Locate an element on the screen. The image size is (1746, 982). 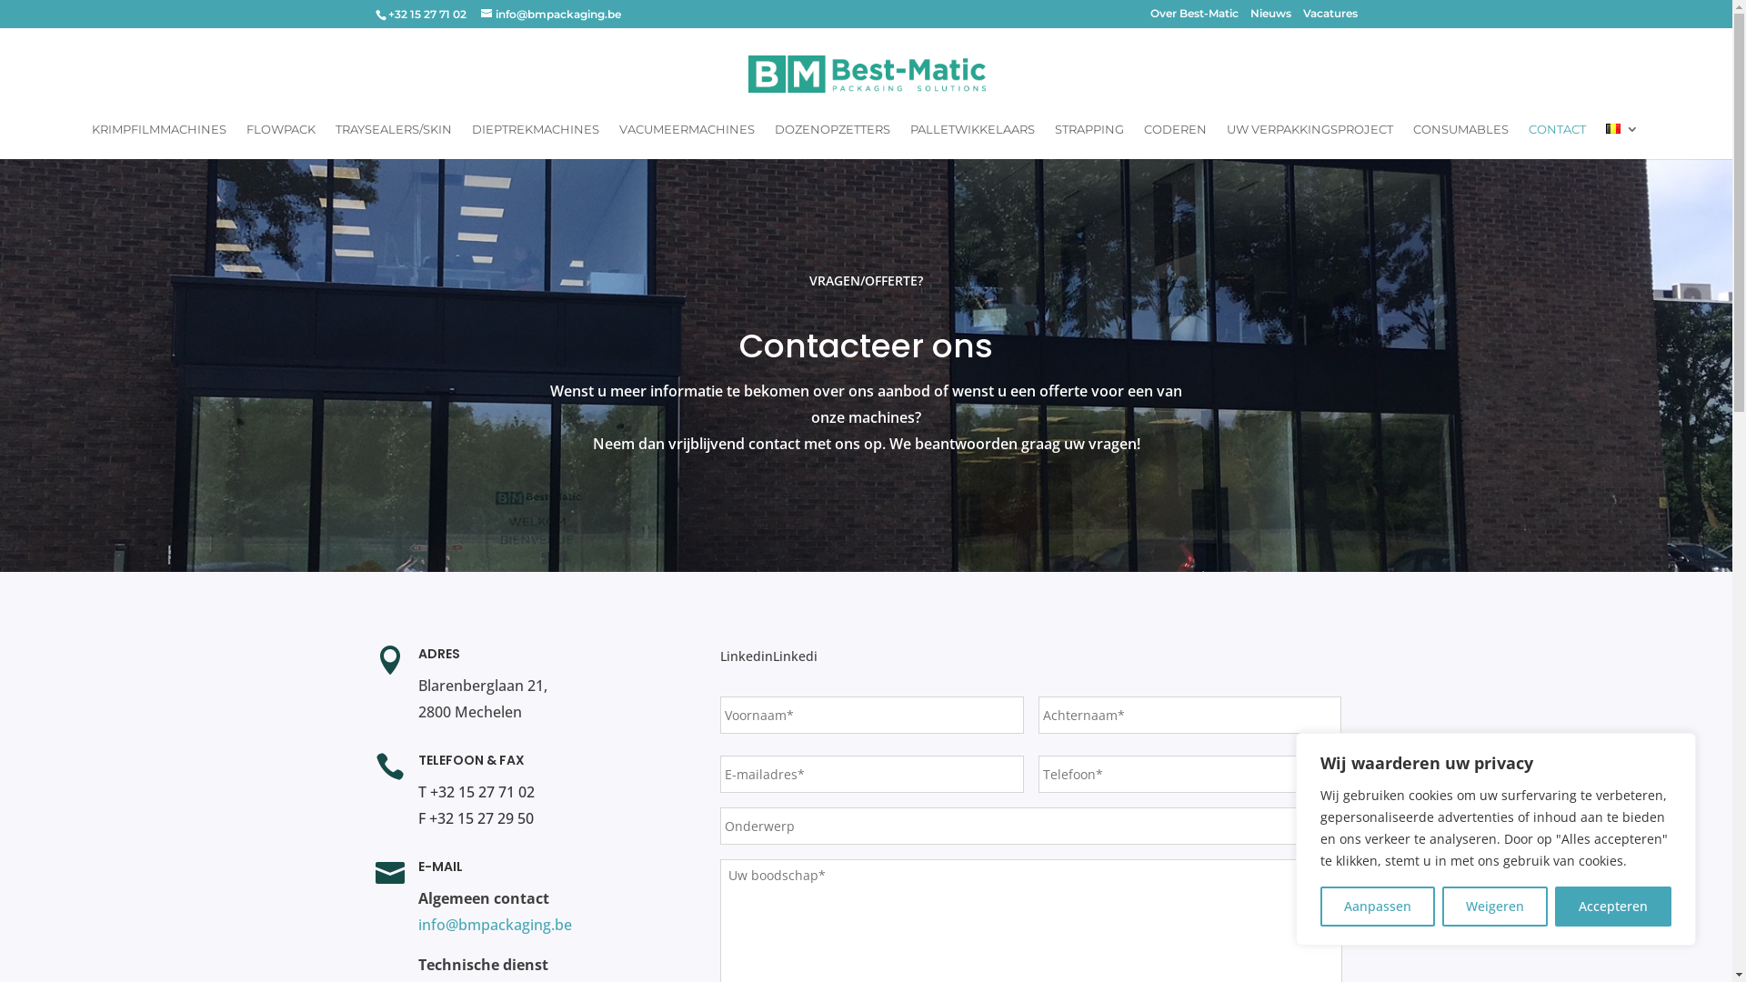
'Nieuws' is located at coordinates (1269, 17).